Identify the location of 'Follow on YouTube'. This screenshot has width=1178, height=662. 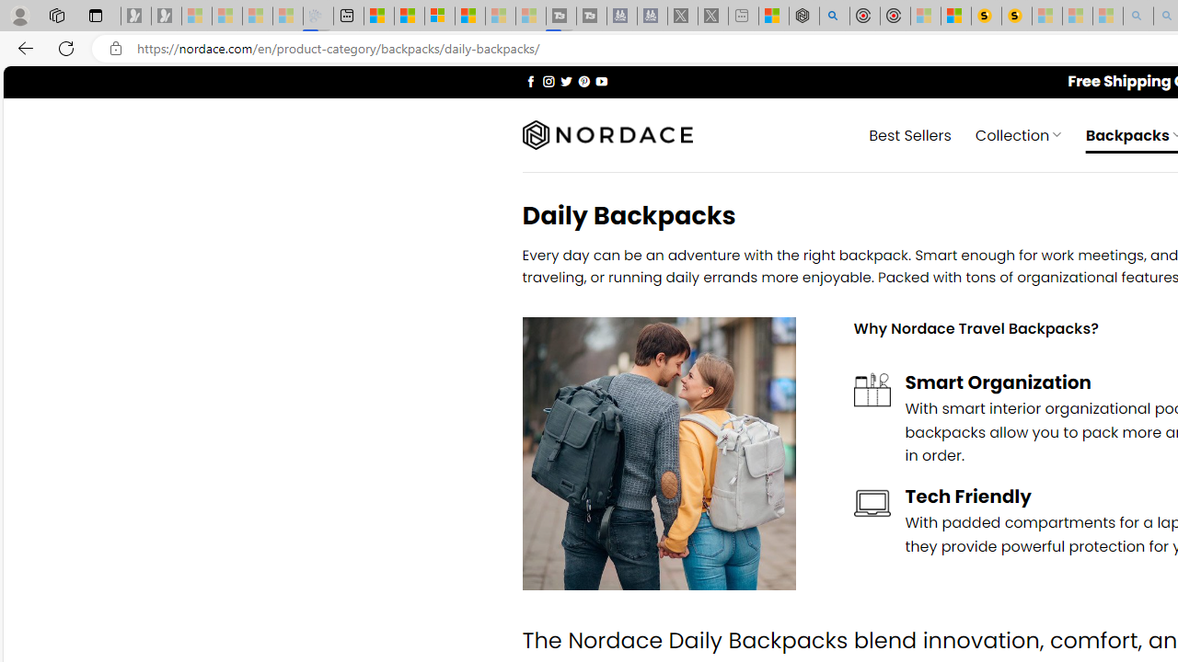
(601, 80).